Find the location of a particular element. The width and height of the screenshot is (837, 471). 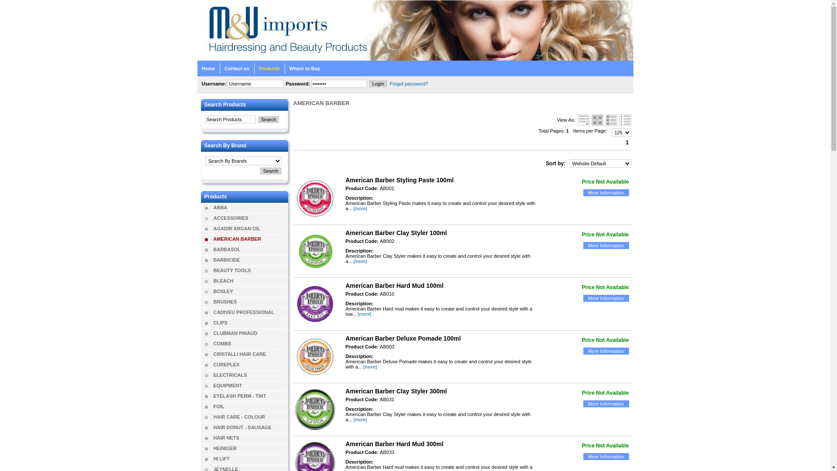

'Forgot password?' is located at coordinates (408, 84).